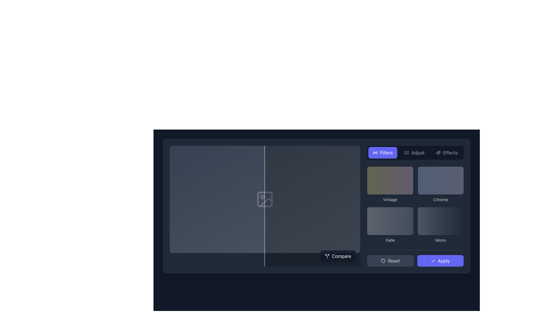 Image resolution: width=556 pixels, height=313 pixels. I want to click on the decorative icon representing the 'Filters' feature located beside the text 'Filters' in the top-right section of the interface, so click(375, 152).